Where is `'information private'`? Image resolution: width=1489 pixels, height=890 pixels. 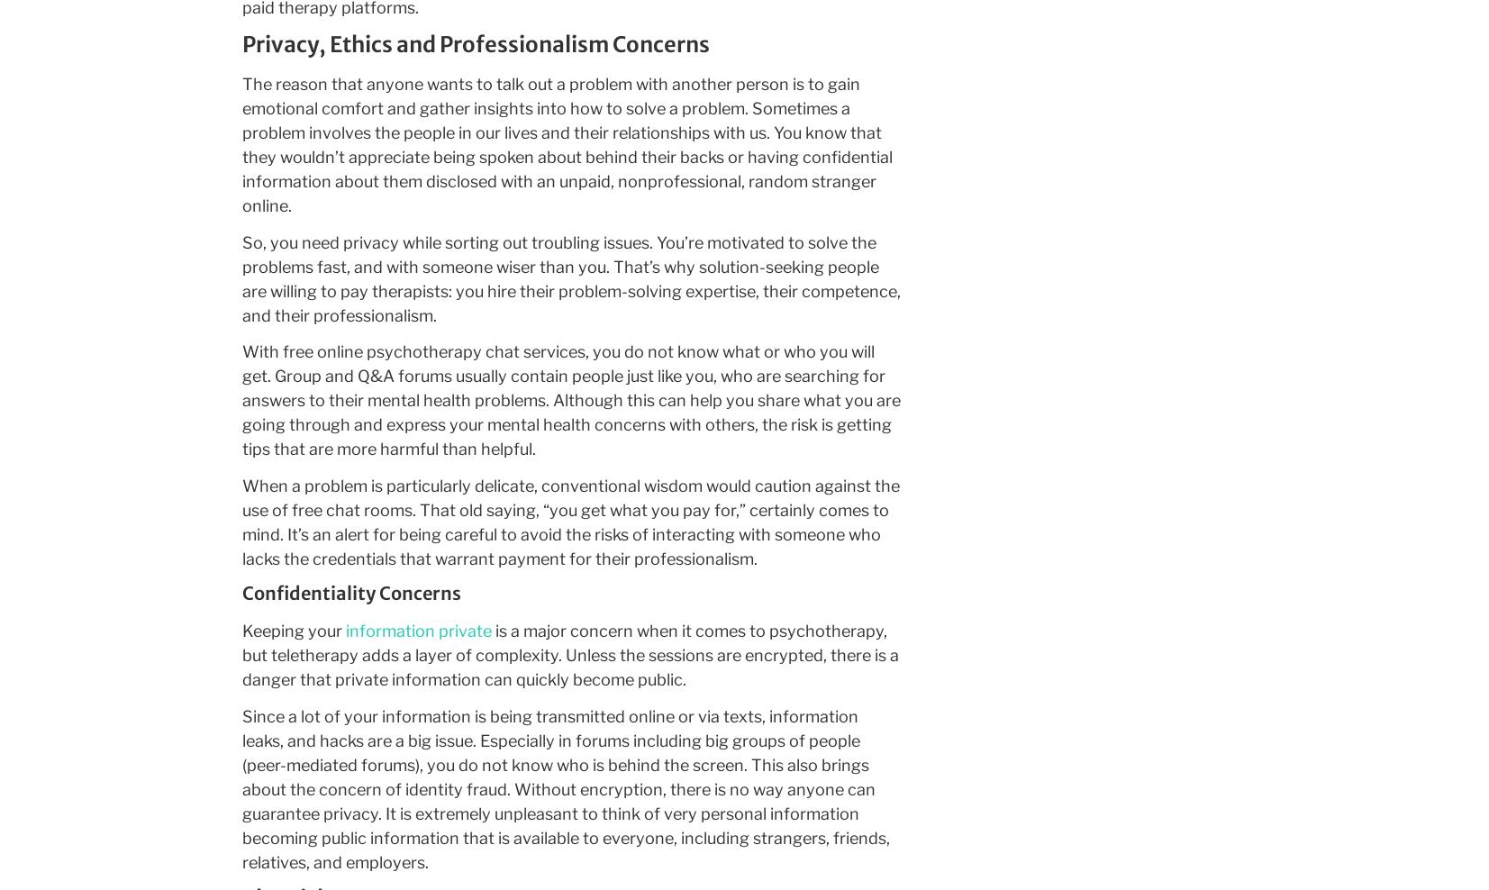
'information private' is located at coordinates (416, 631).